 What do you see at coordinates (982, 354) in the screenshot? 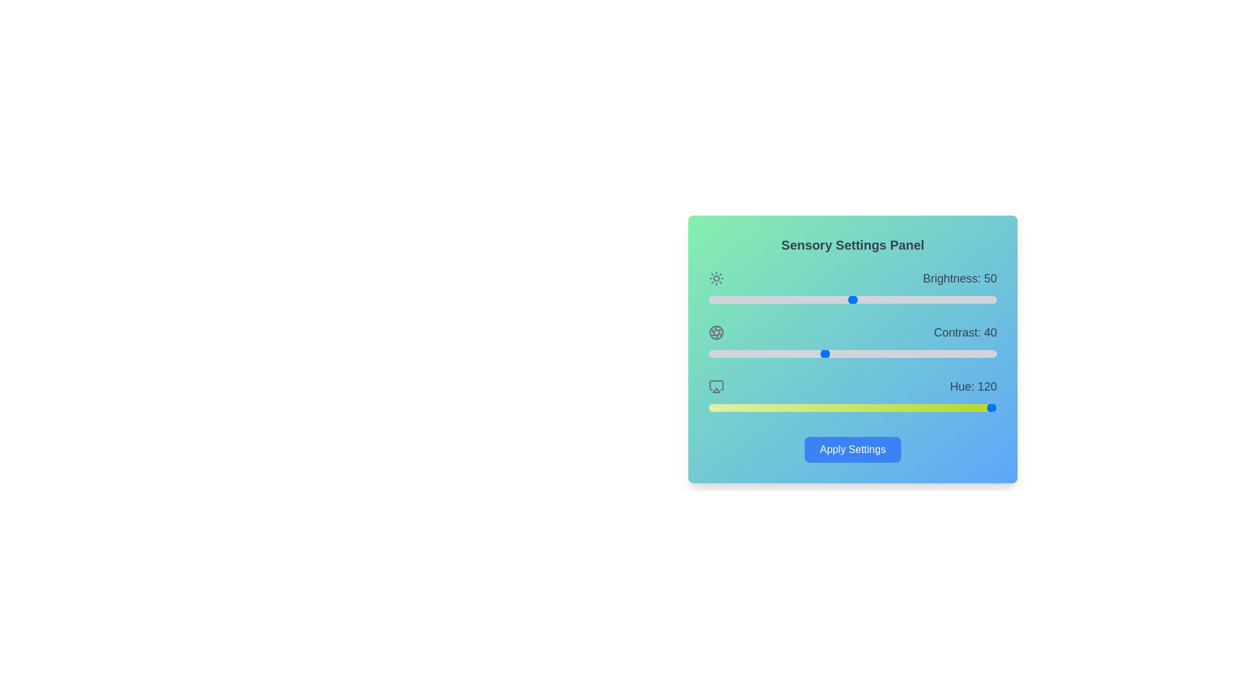
I see `the contrast slider to 95` at bounding box center [982, 354].